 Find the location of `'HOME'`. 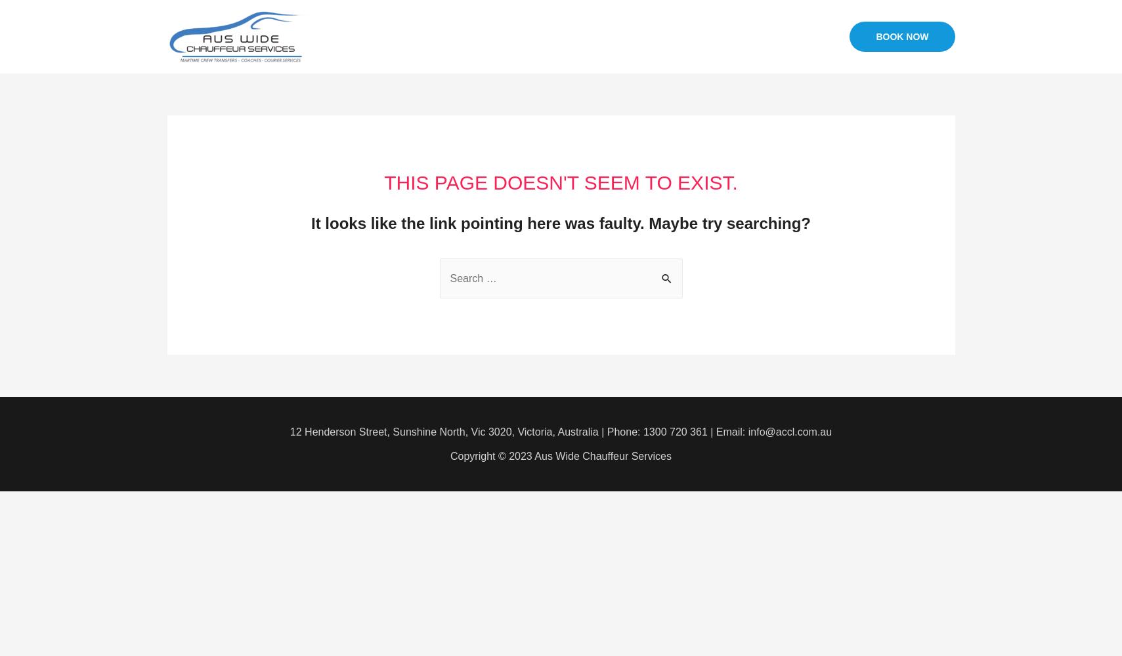

'HOME' is located at coordinates (521, 36).